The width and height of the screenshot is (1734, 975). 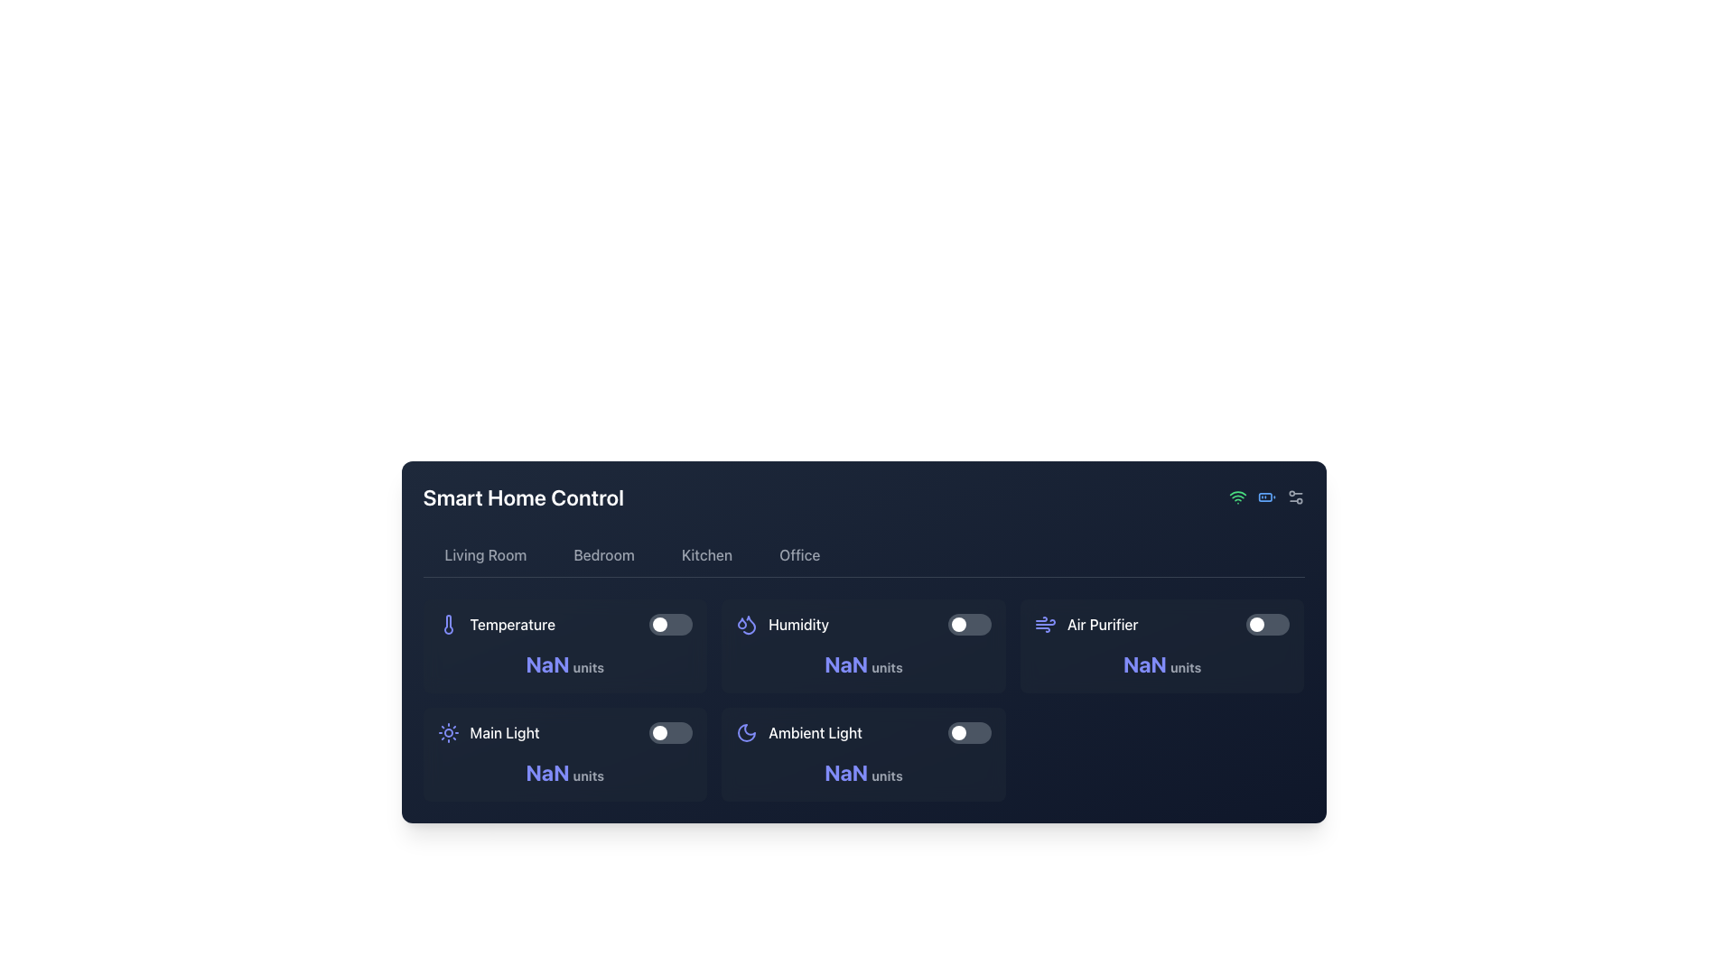 I want to click on the 'Humidity' text label with a blue droplet icon, which is part of the environmental settings controls in the smart home interface, so click(x=782, y=623).